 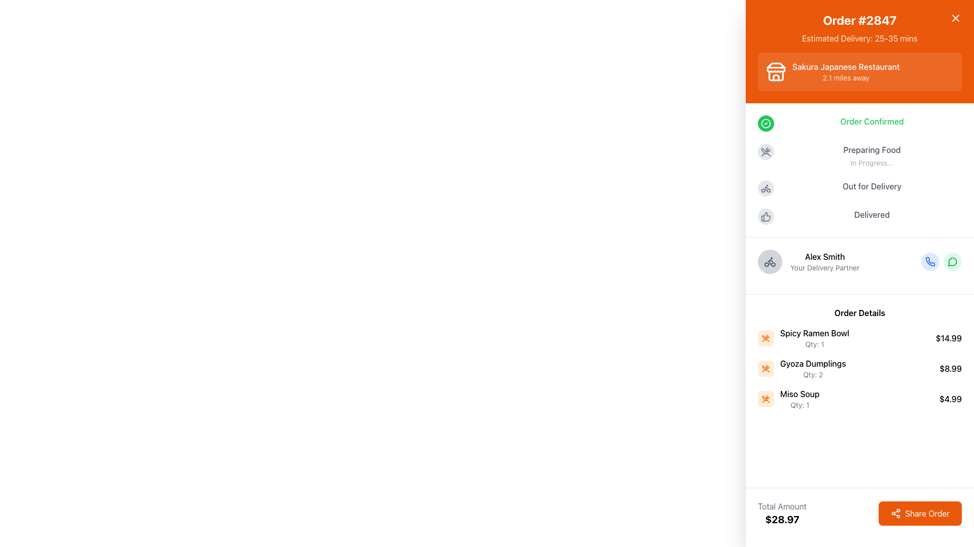 What do you see at coordinates (859, 156) in the screenshot?
I see `the status information of the label indicating that food preparation is ongoing, which is the second item in the vertical list of status indicators` at bounding box center [859, 156].